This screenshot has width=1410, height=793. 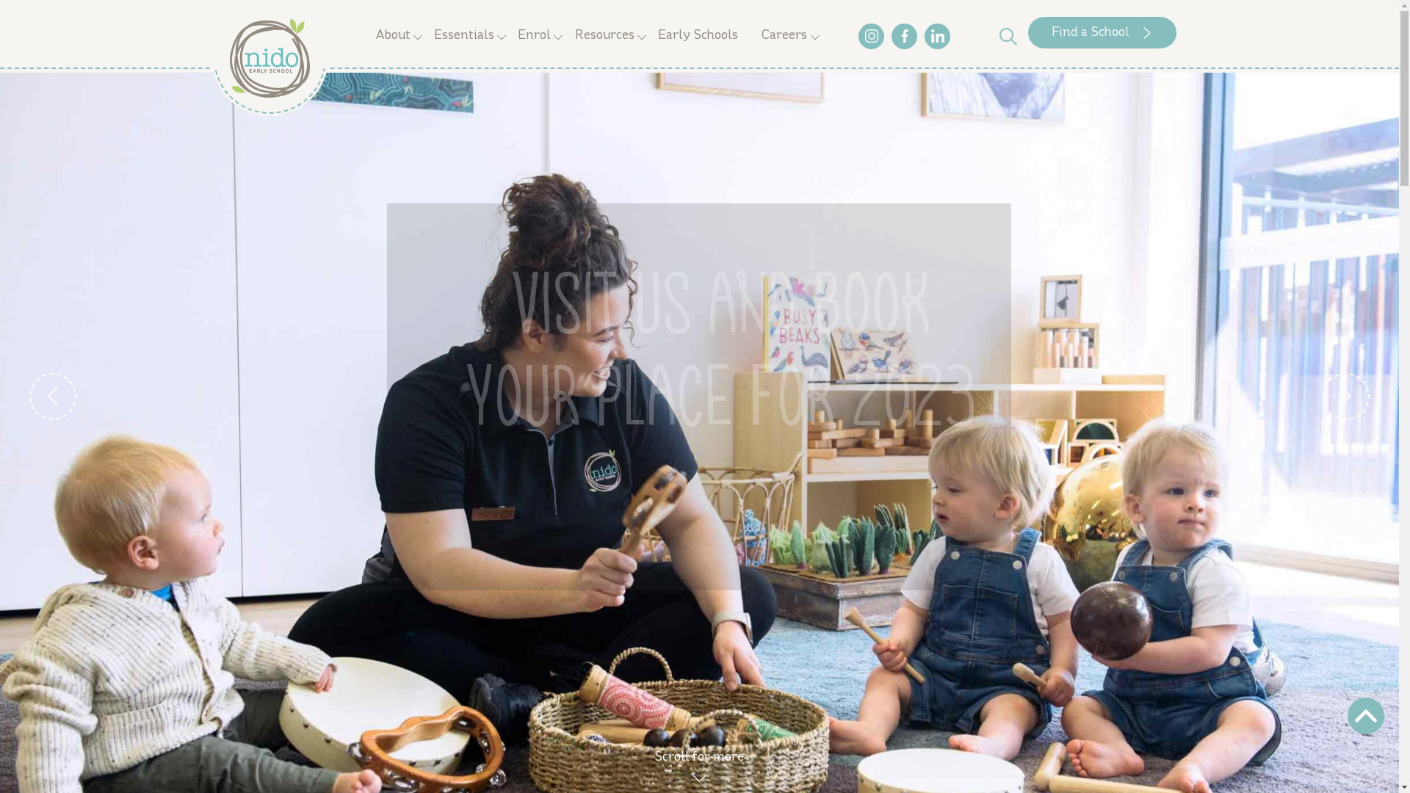 What do you see at coordinates (654, 764) in the screenshot?
I see `'Scroll for more'` at bounding box center [654, 764].